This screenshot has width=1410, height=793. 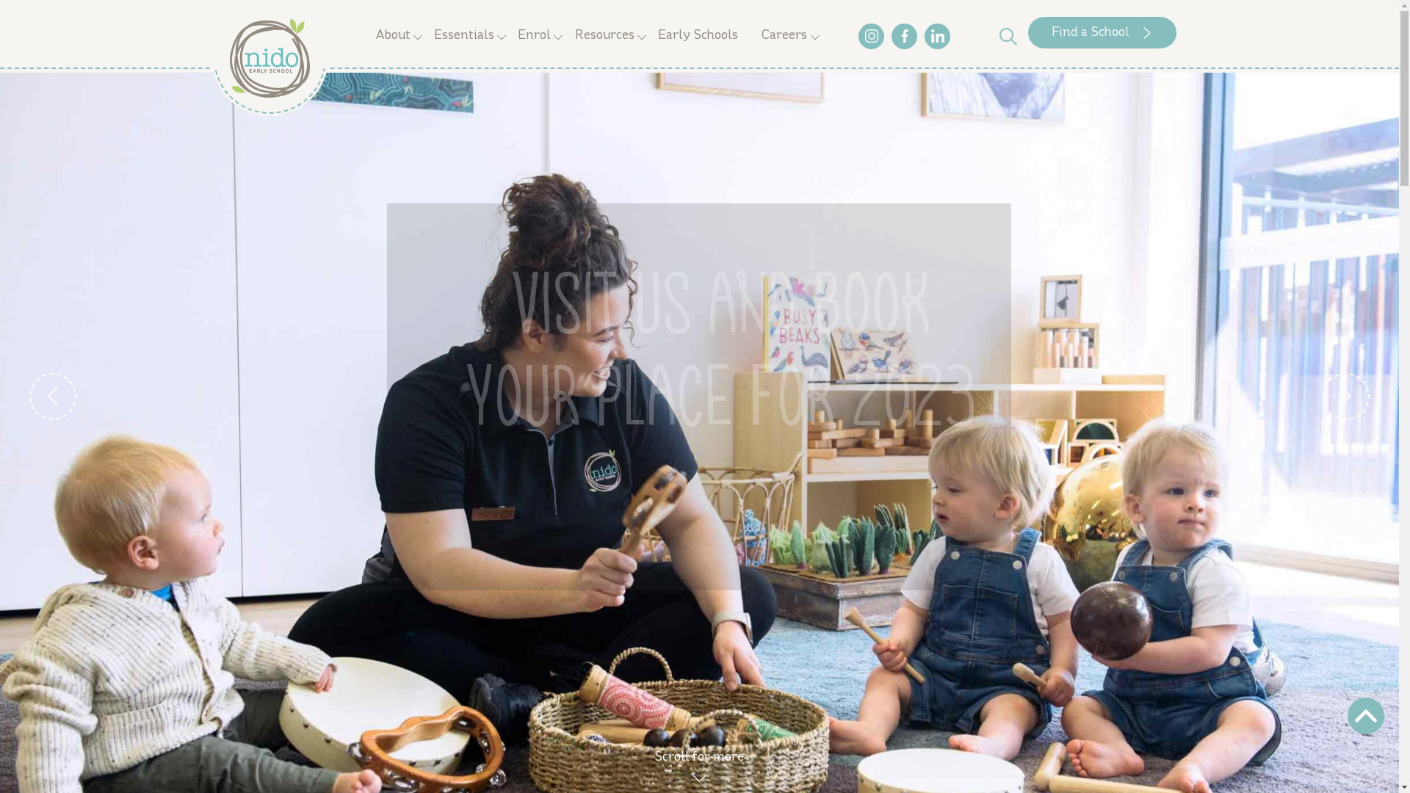 What do you see at coordinates (654, 764) in the screenshot?
I see `'Scroll for more'` at bounding box center [654, 764].